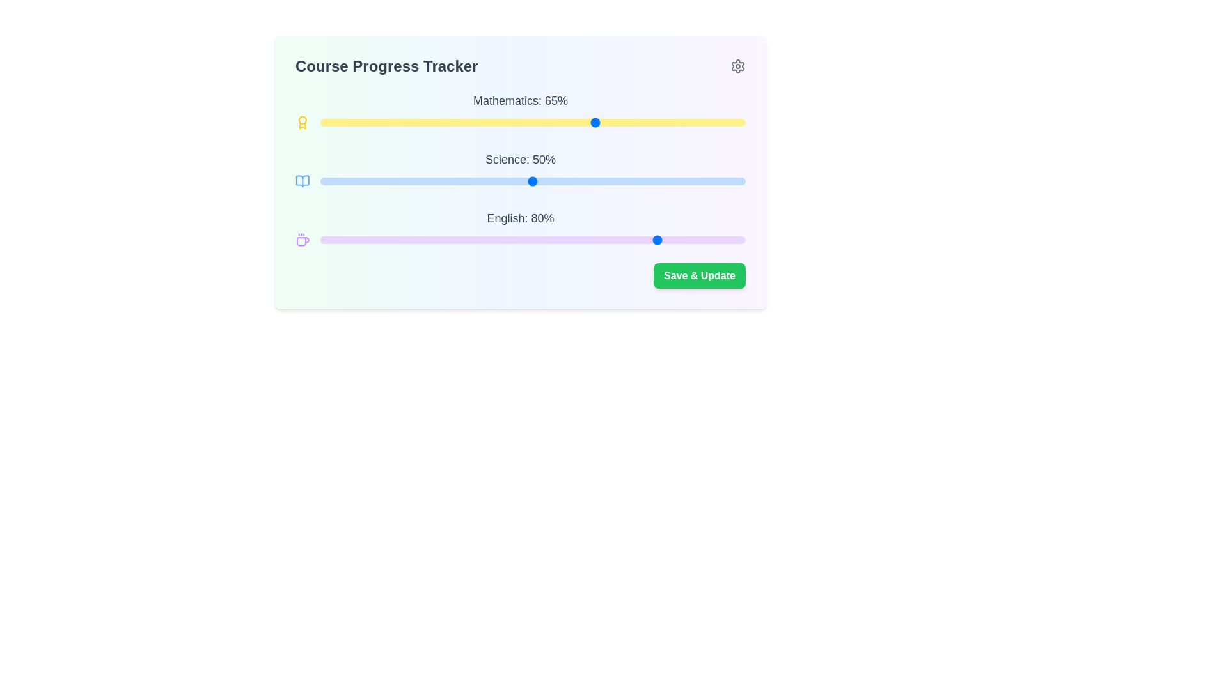 This screenshot has height=690, width=1228. What do you see at coordinates (324, 240) in the screenshot?
I see `the English progress` at bounding box center [324, 240].